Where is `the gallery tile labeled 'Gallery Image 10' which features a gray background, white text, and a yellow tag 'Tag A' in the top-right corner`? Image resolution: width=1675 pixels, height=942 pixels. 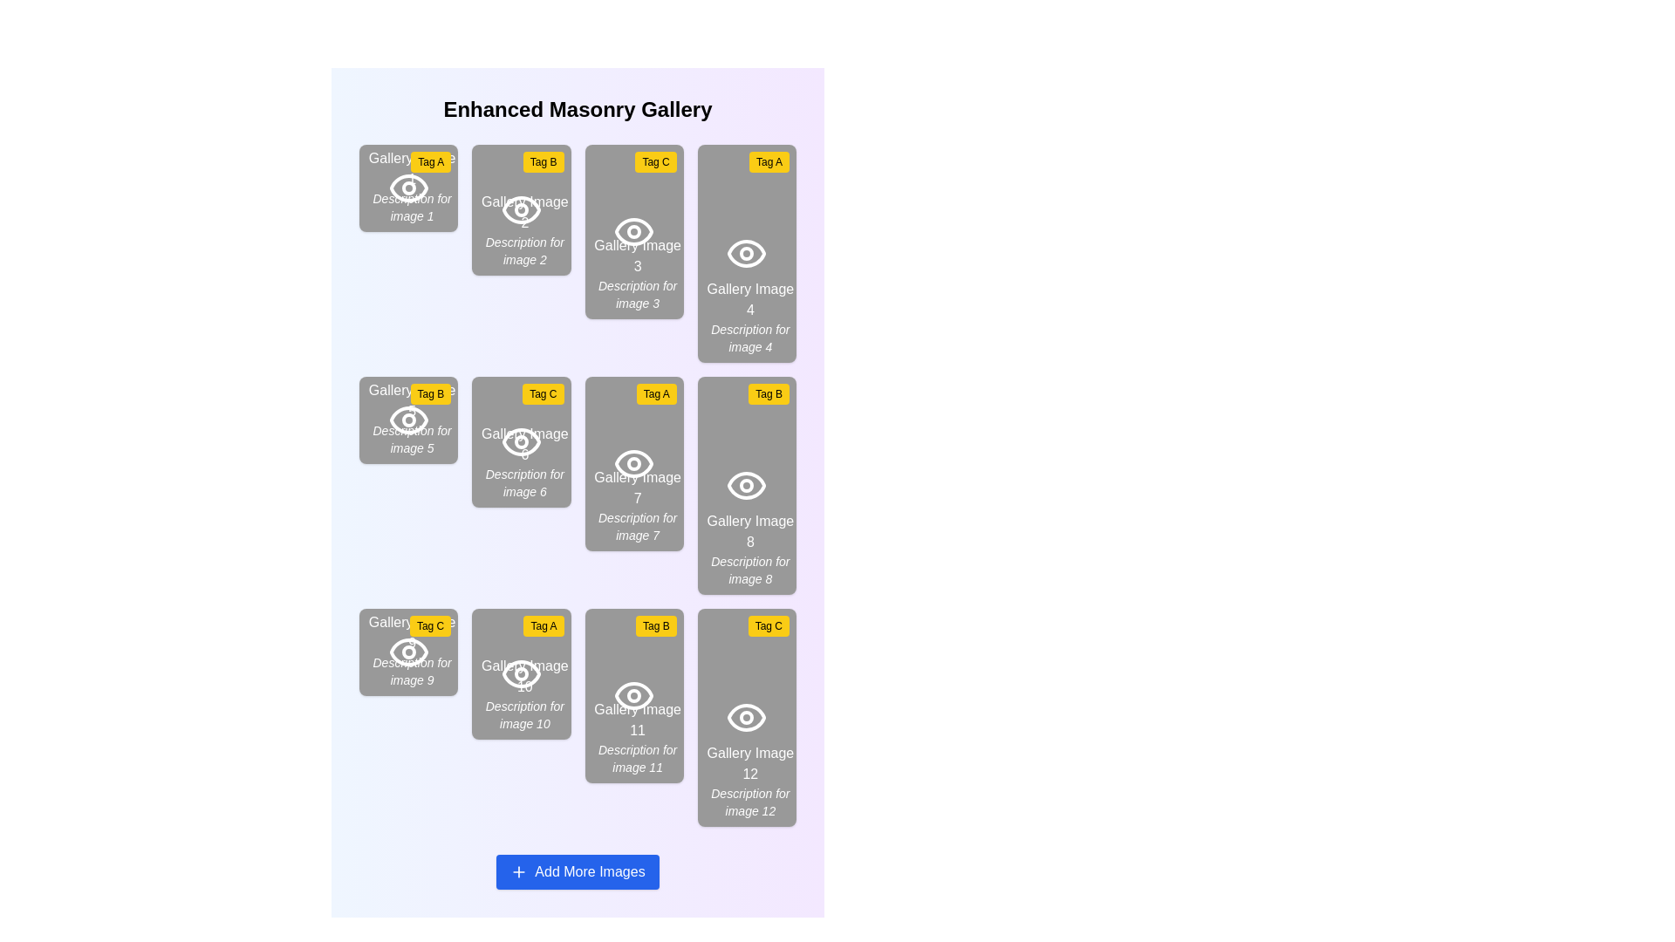
the gallery tile labeled 'Gallery Image 10' which features a gray background, white text, and a yellow tag 'Tag A' in the top-right corner is located at coordinates (520, 672).